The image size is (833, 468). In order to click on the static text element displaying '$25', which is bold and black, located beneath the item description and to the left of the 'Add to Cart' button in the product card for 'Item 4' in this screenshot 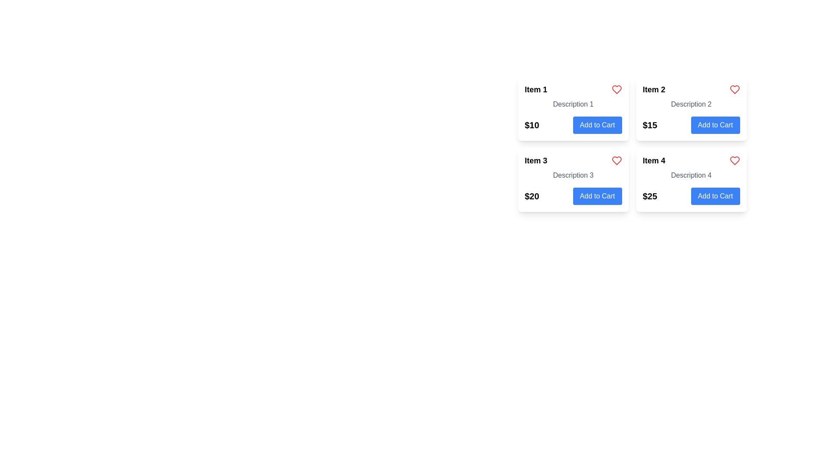, I will do `click(650, 196)`.